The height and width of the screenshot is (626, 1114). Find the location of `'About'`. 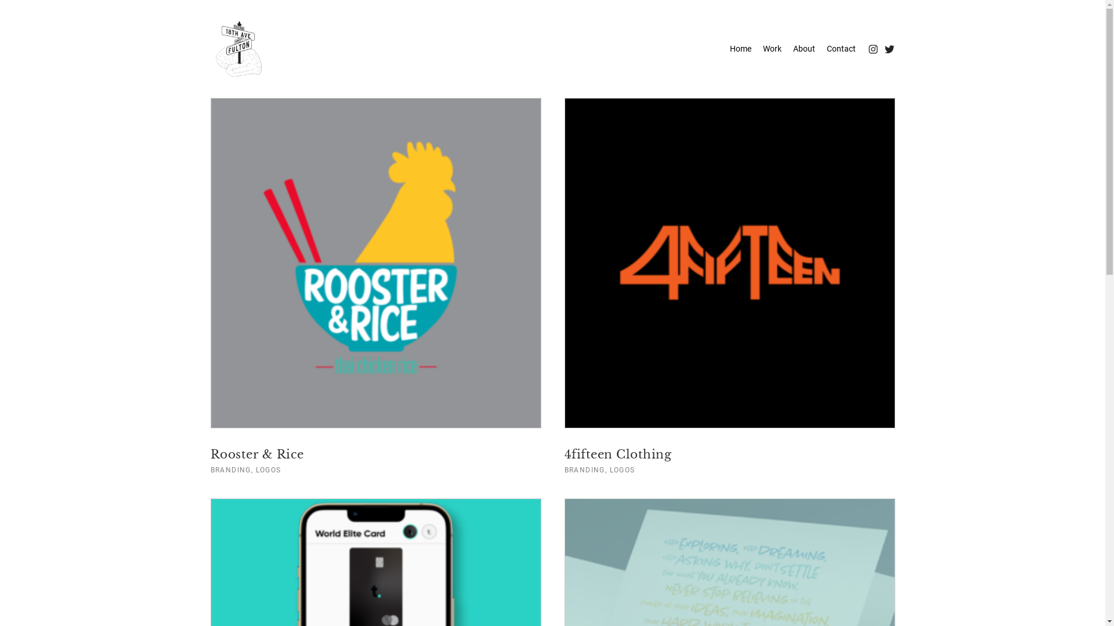

'About' is located at coordinates (803, 48).